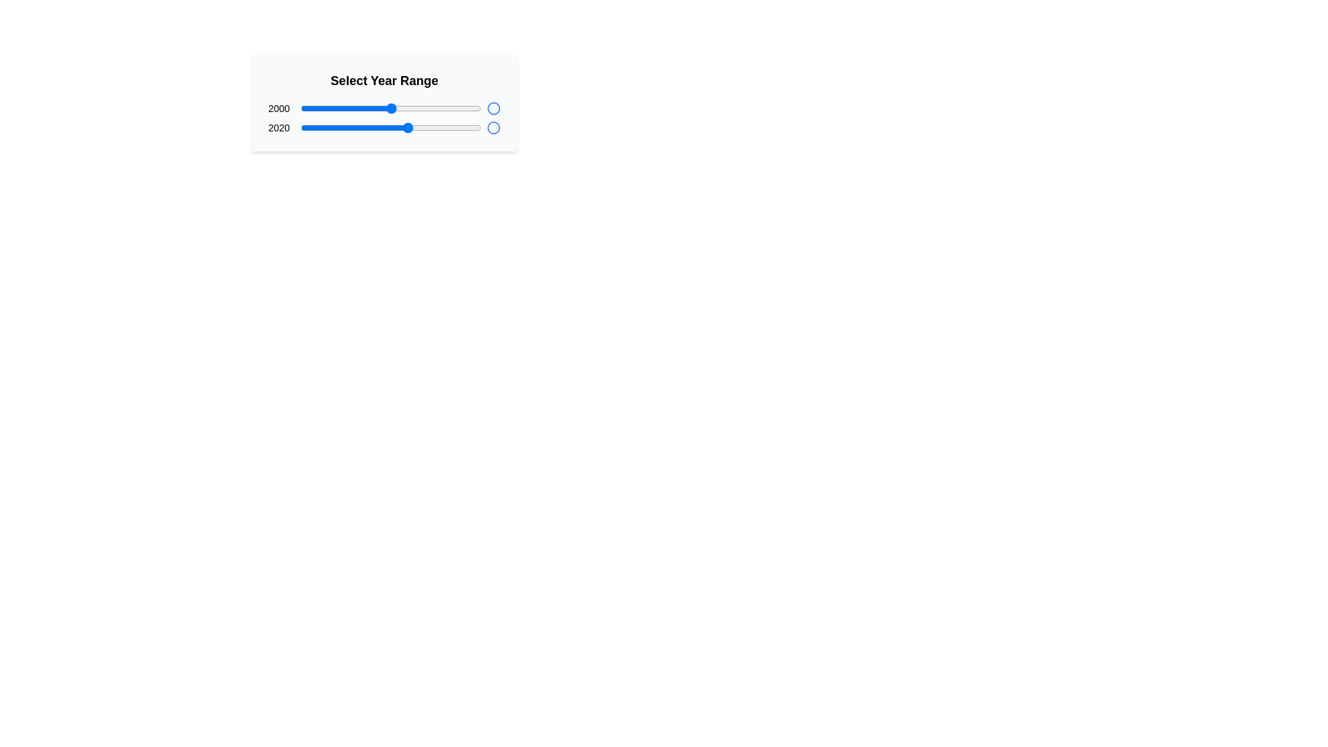 The height and width of the screenshot is (747, 1328). Describe the element at coordinates (390, 108) in the screenshot. I see `the range slider input located beneath the text label '2000' and to the left of the blue circular indicator` at that location.